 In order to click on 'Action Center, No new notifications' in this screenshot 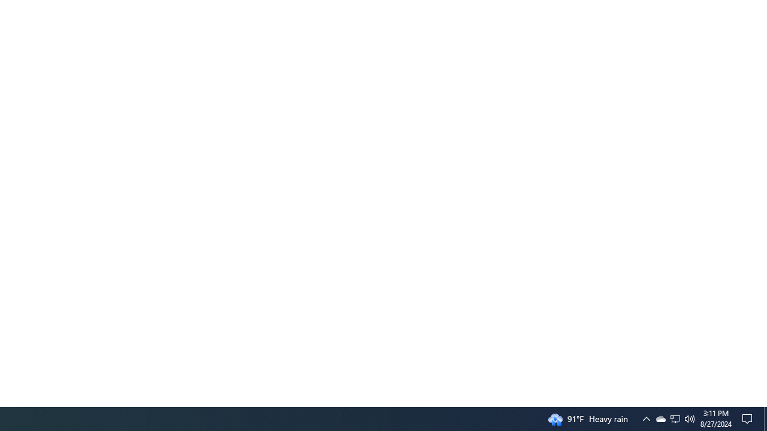, I will do `click(765, 418)`.